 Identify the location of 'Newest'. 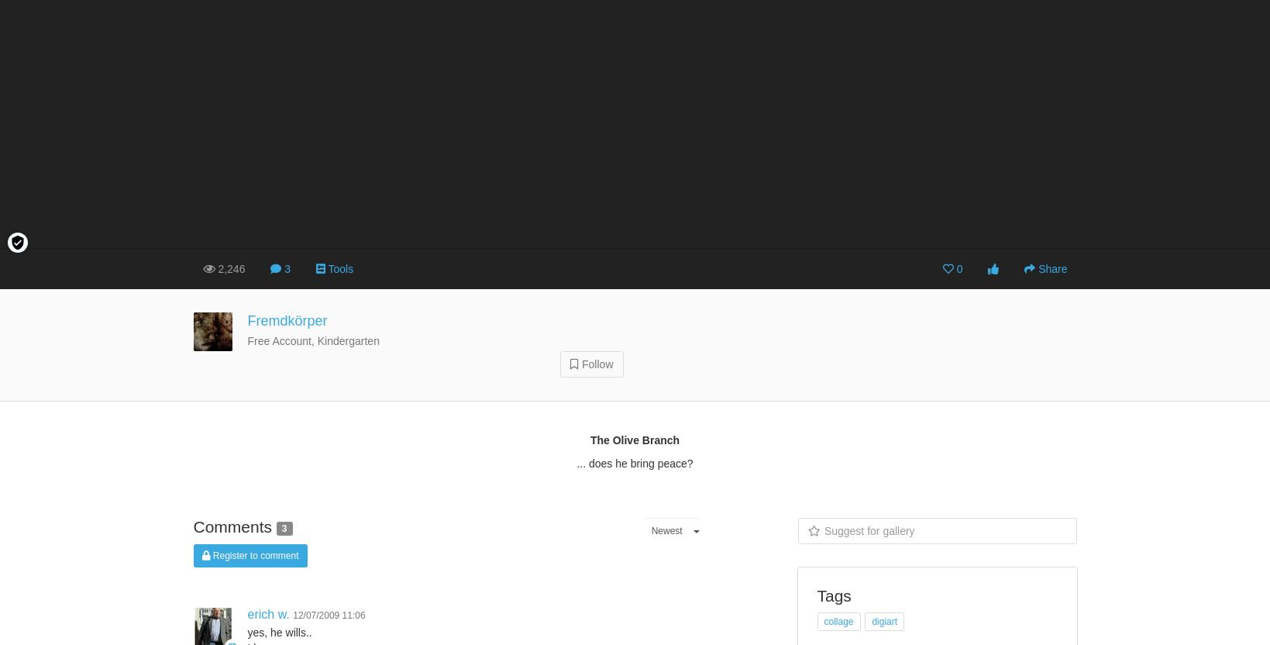
(665, 529).